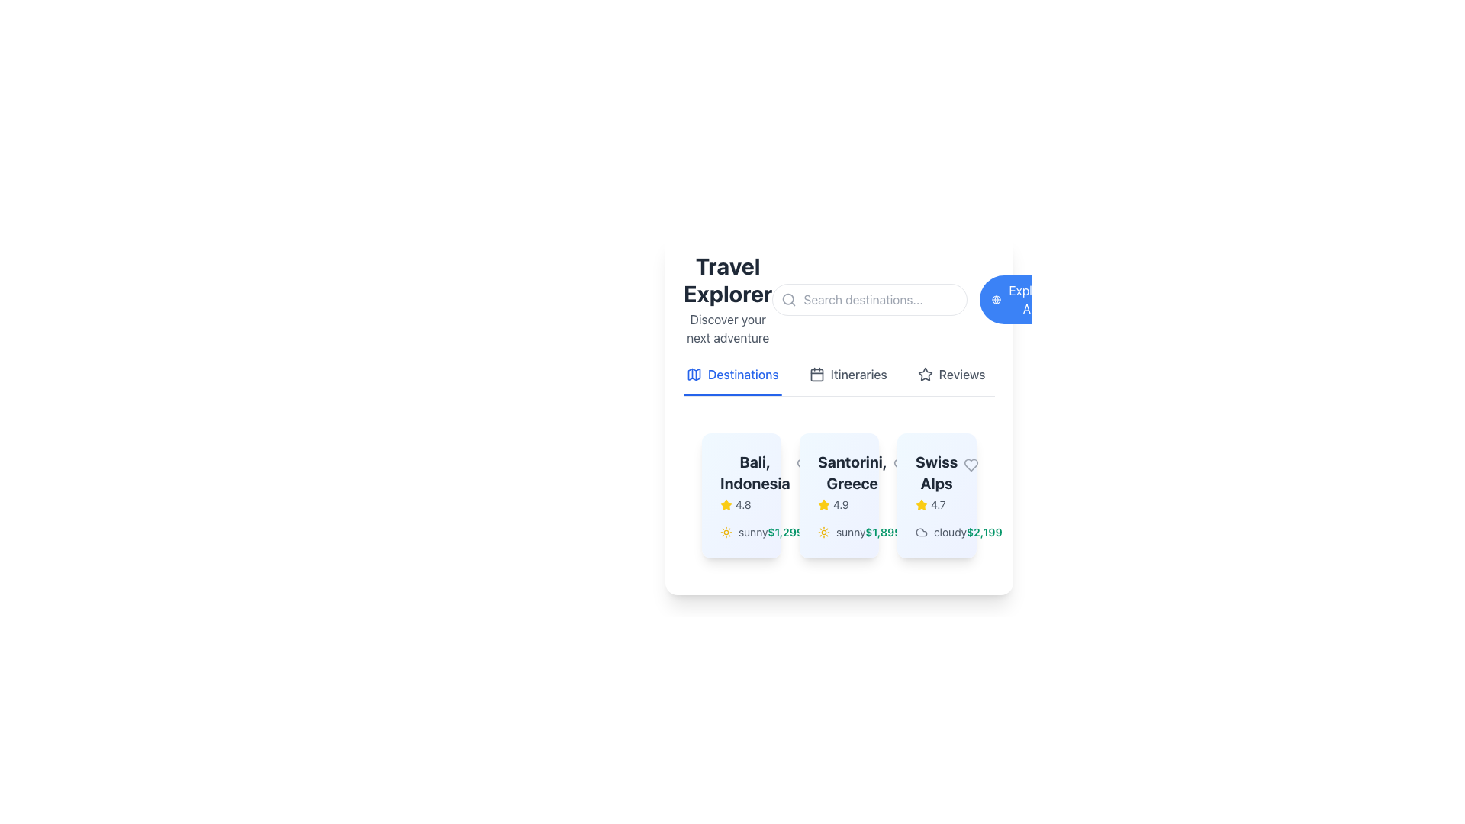  I want to click on the text label representing the title or name of the location in the bottom-right card of the horizontal list of destination cards, so click(935, 472).